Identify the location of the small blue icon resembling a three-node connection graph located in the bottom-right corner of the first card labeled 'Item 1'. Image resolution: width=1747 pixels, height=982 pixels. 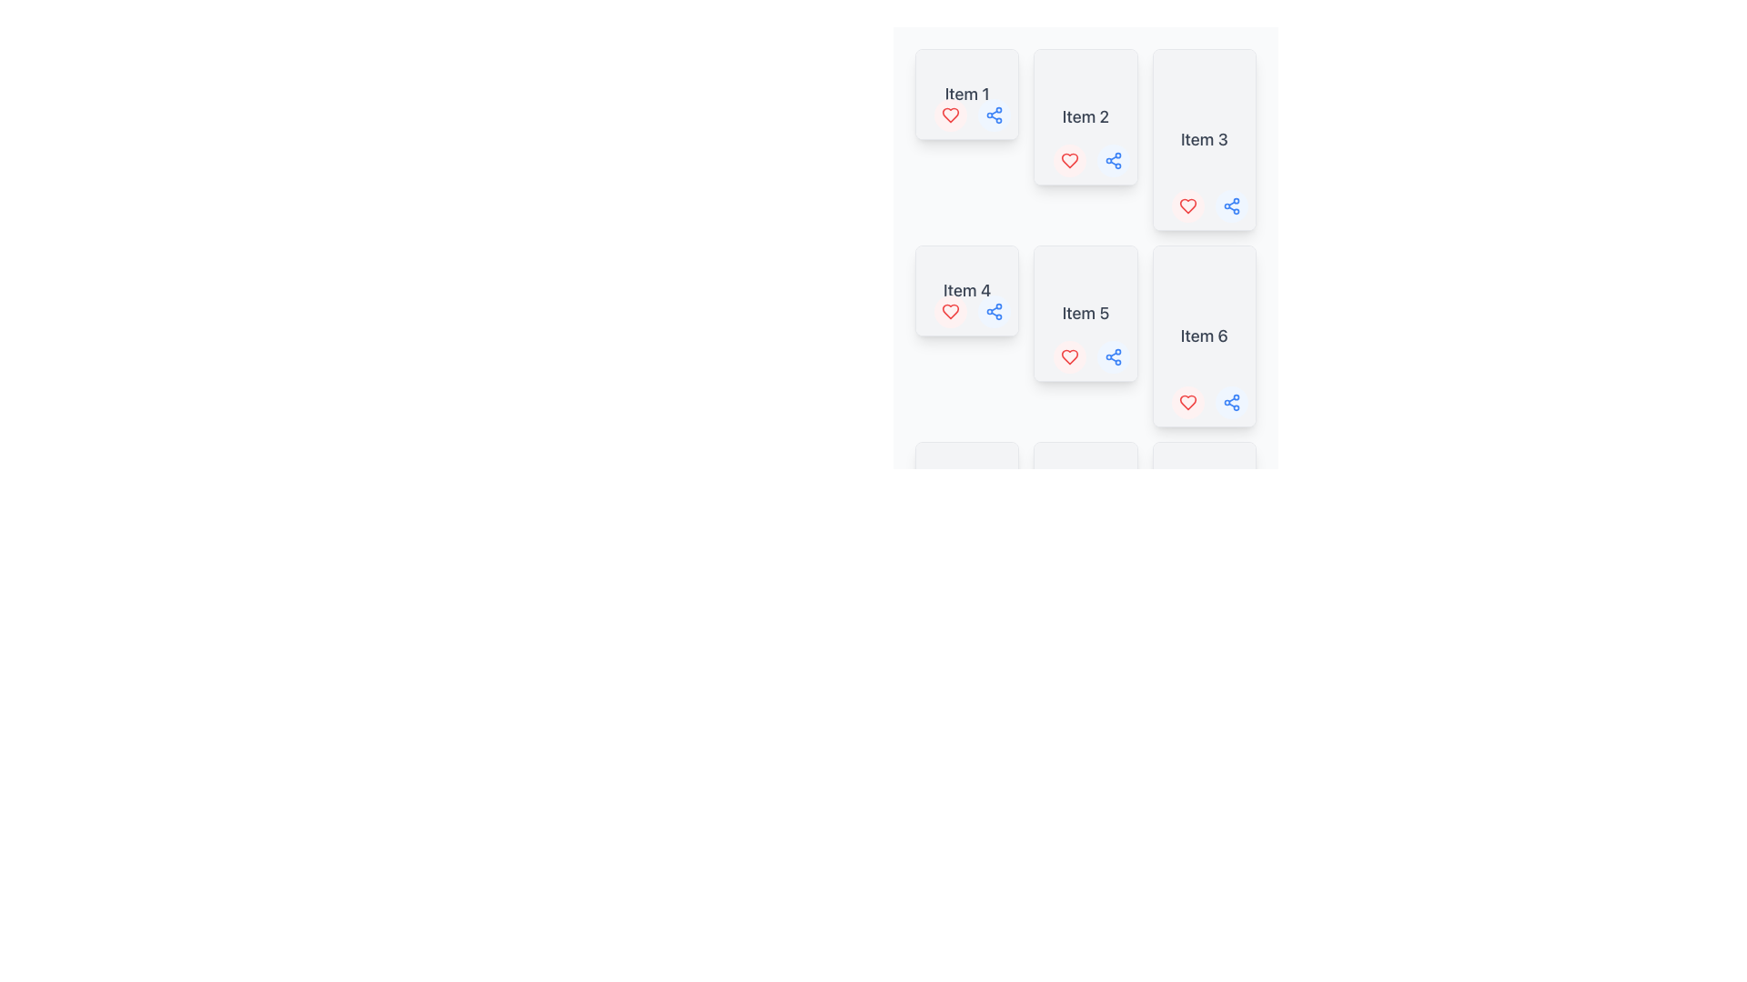
(994, 115).